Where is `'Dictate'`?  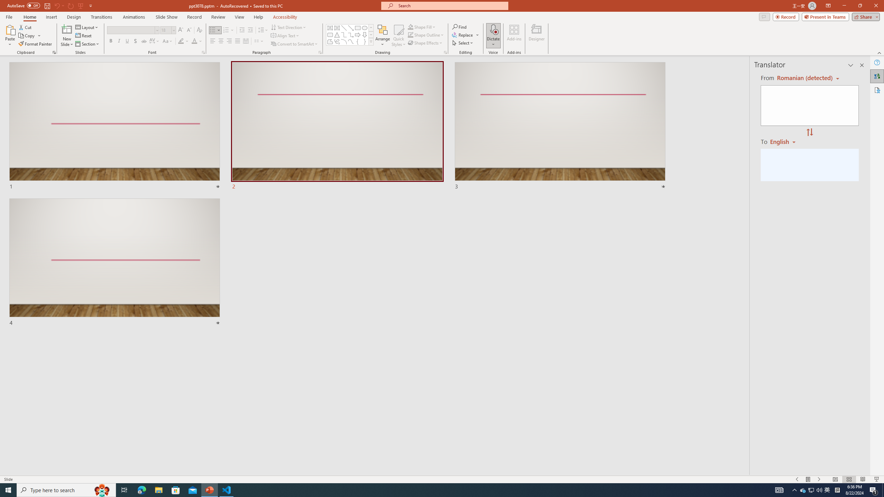 'Dictate' is located at coordinates (493, 29).